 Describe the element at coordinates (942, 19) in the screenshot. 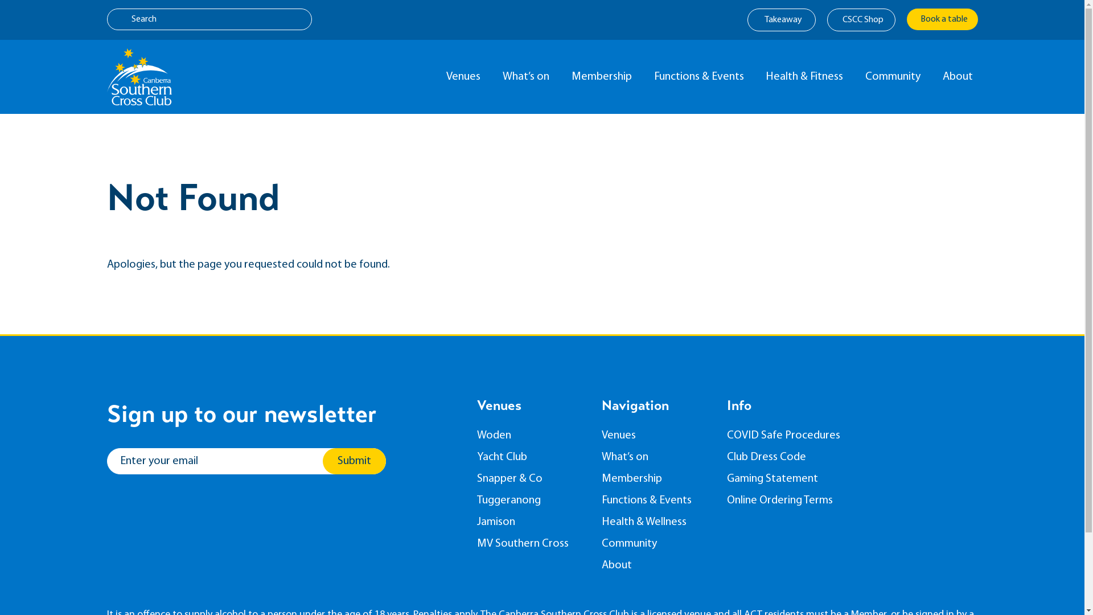

I see `'Book a table'` at that location.